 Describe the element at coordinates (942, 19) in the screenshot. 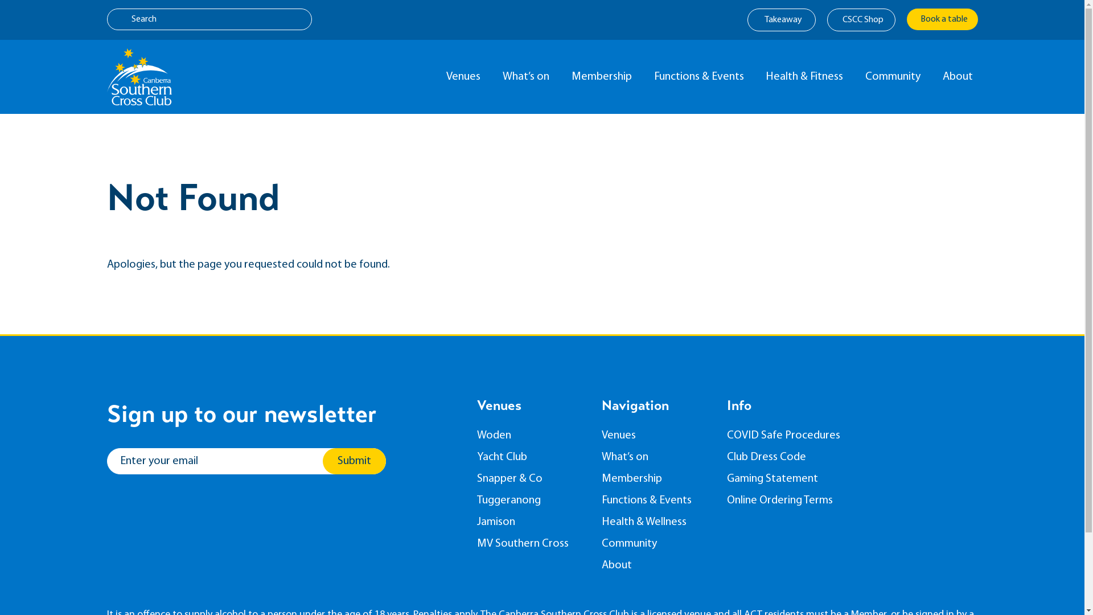

I see `'Book a table'` at that location.